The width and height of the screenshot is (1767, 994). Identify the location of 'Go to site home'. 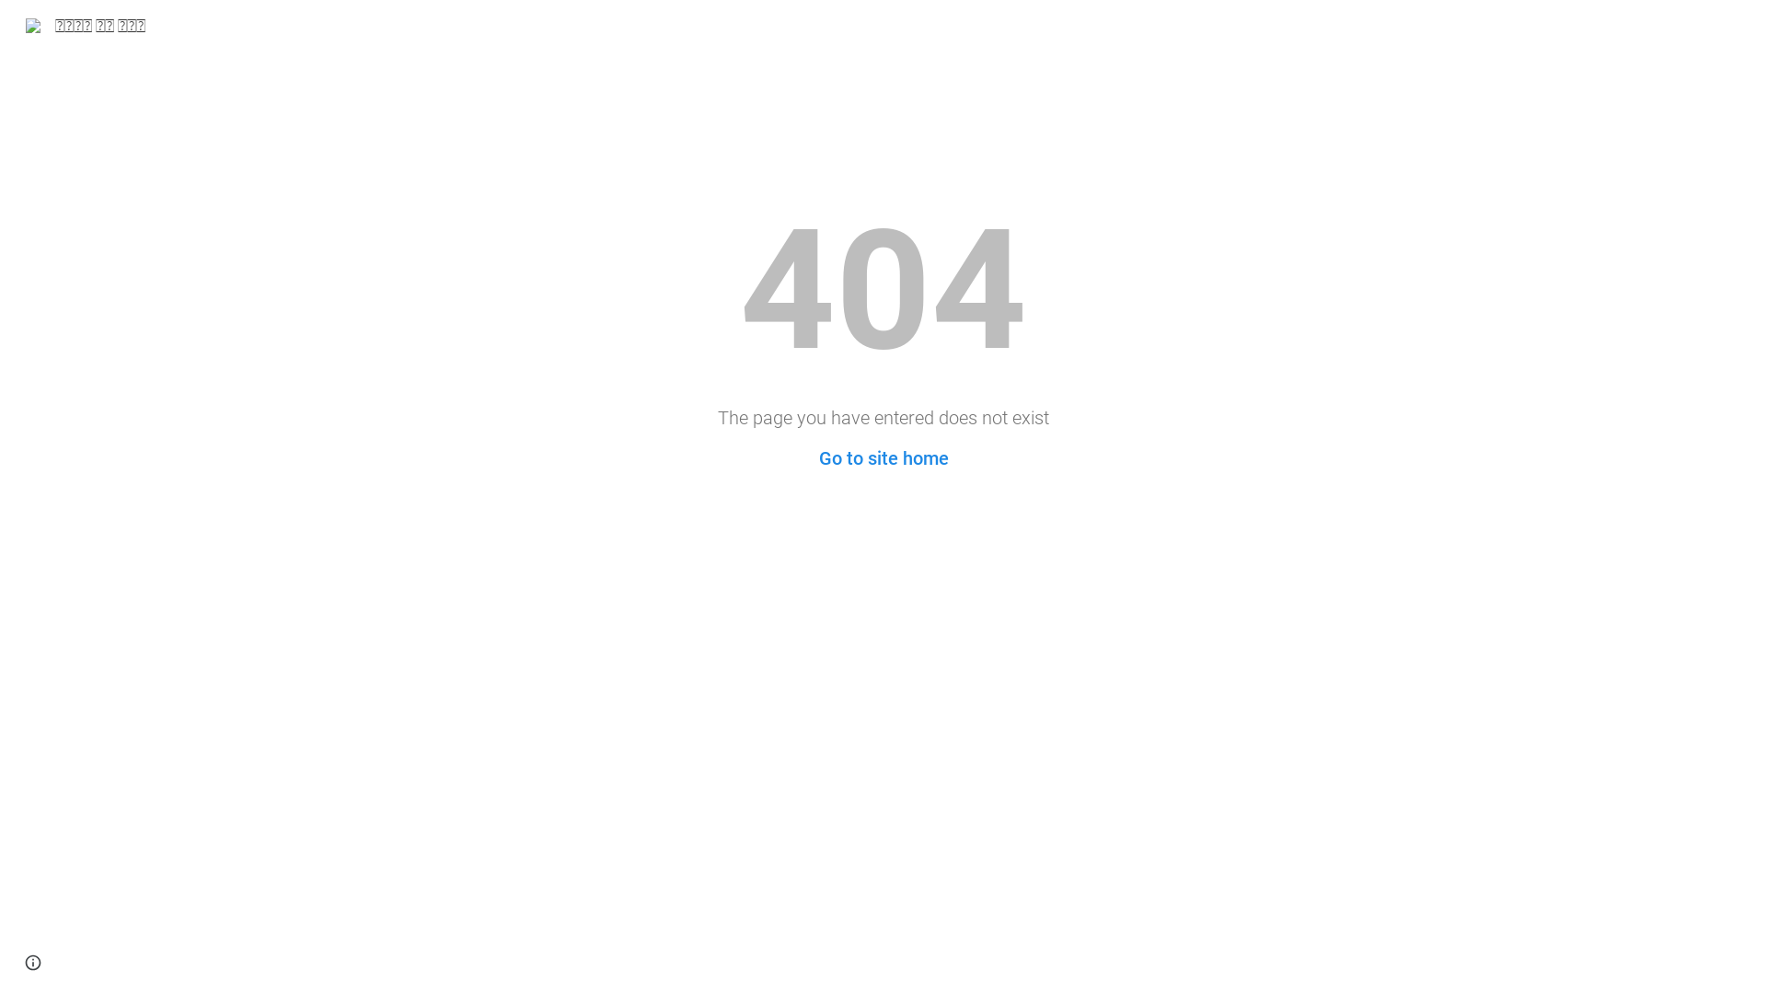
(883, 457).